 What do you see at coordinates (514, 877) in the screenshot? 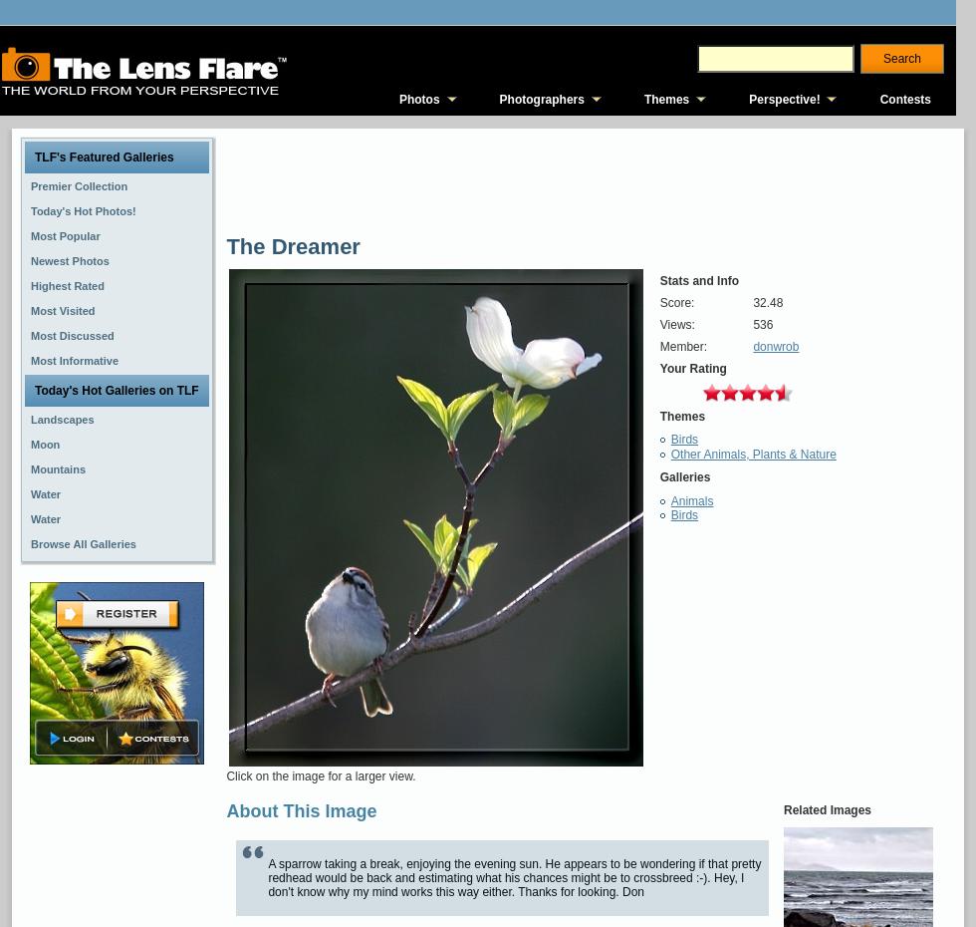
I see `'A sparrow taking a break, enjoying the evening sun. He appears to be wondering if that pretty redhead would be back and estimating what his chances might be to crossbreed :-). Hey, I don't know why my mind works this way either. Thanks for looking. Don'` at bounding box center [514, 877].